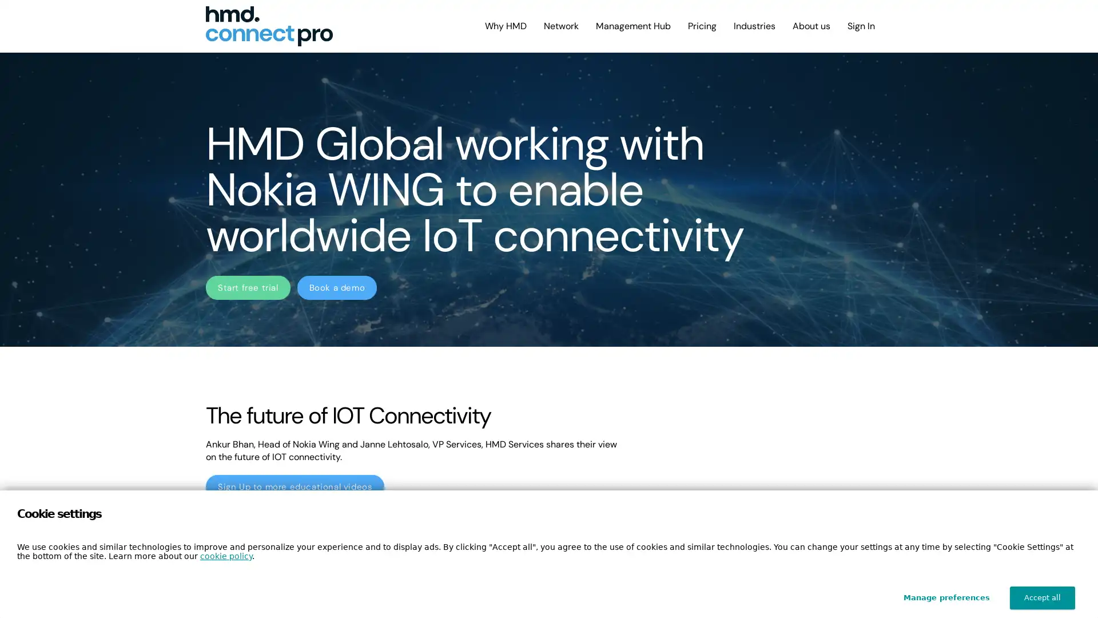  I want to click on Accept all, so click(1043, 597).